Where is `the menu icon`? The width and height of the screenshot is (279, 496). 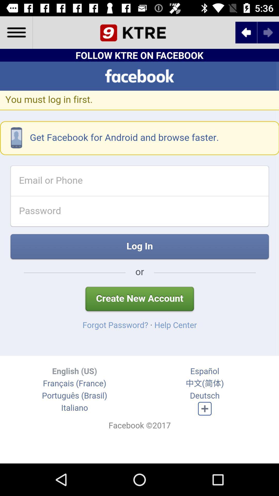
the menu icon is located at coordinates (16, 32).